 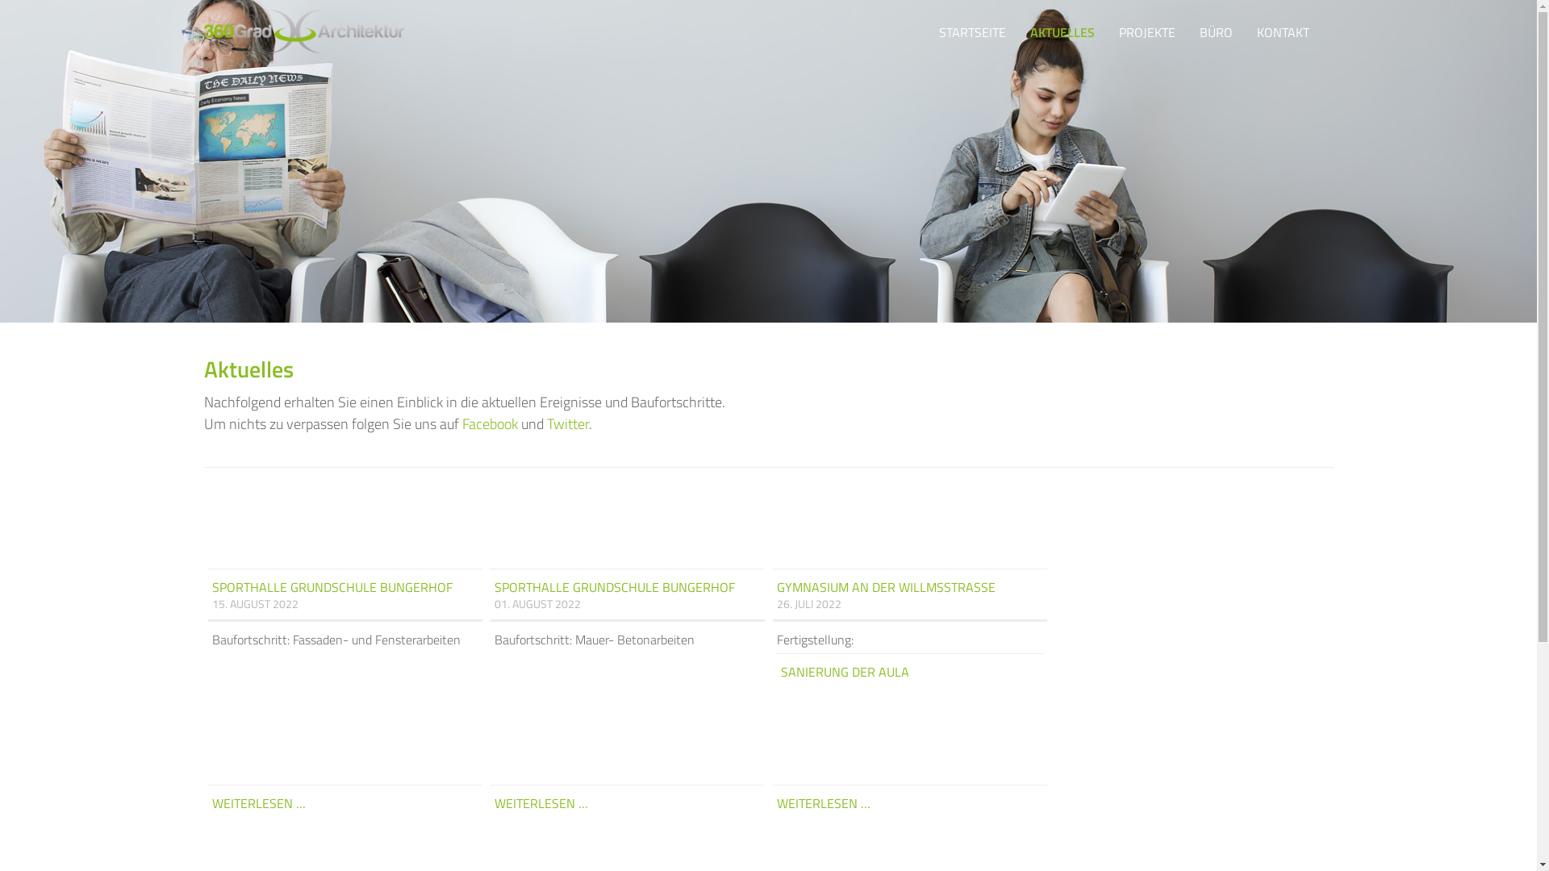 What do you see at coordinates (909, 667) in the screenshot?
I see `'SANIERUNG DER AULA'` at bounding box center [909, 667].